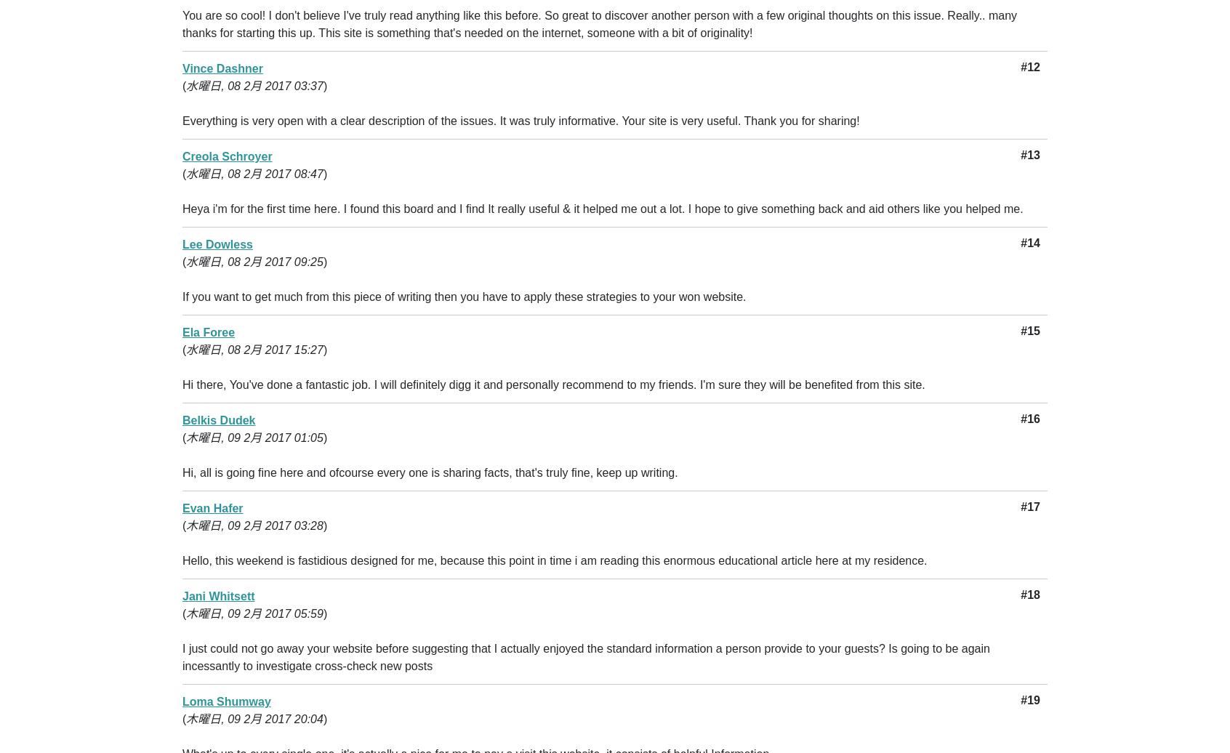 This screenshot has height=753, width=1230. I want to click on '水曜日, 08 2月 2017 08:47', so click(254, 174).